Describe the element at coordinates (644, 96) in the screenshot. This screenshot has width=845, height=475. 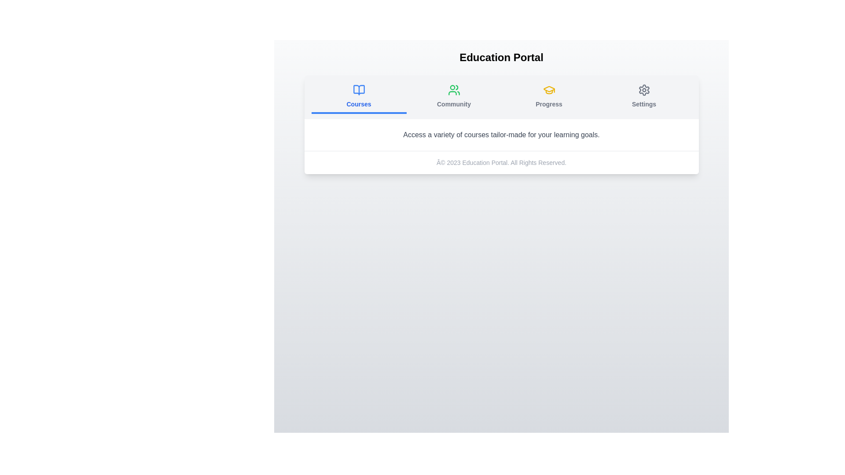
I see `the 'Settings' navigation link, which features a cogwheel icon and is the fourth item in the horizontal navigation bar` at that location.